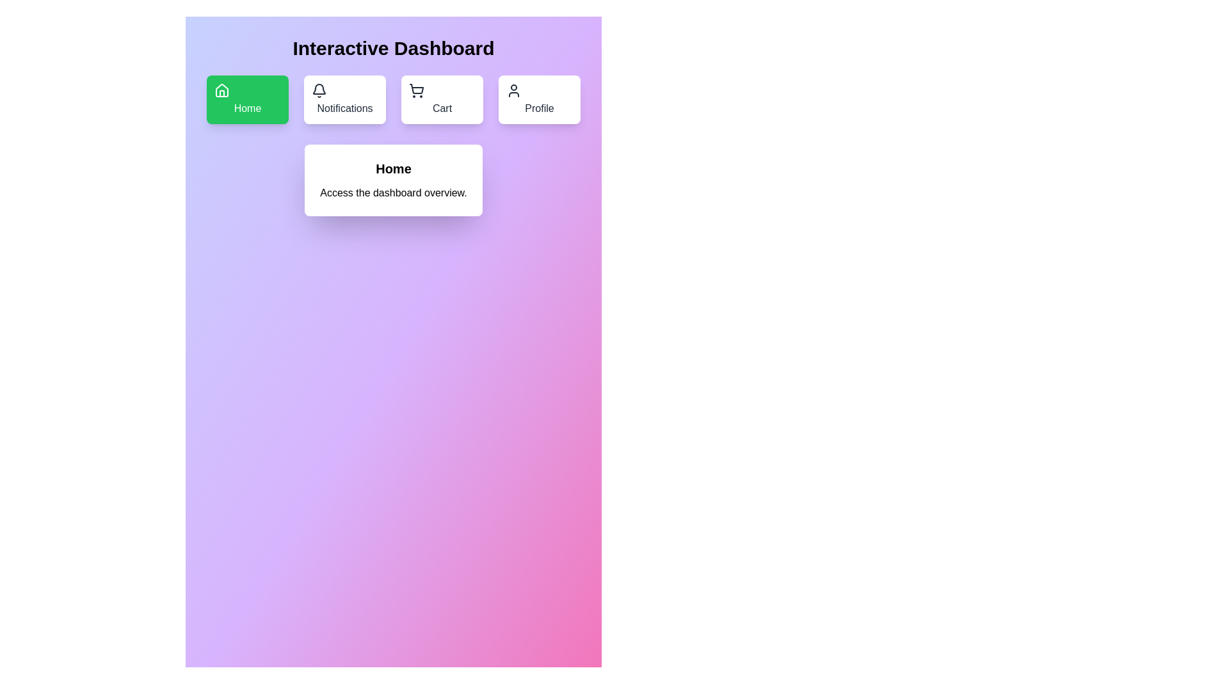 The image size is (1229, 691). What do you see at coordinates (248, 99) in the screenshot?
I see `the menu option Home to view its content and details` at bounding box center [248, 99].